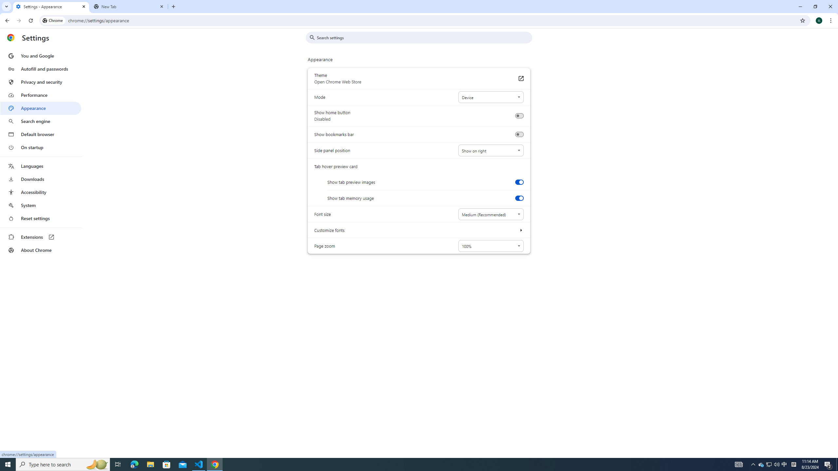 Image resolution: width=838 pixels, height=471 pixels. What do you see at coordinates (490, 214) in the screenshot?
I see `'Font size'` at bounding box center [490, 214].